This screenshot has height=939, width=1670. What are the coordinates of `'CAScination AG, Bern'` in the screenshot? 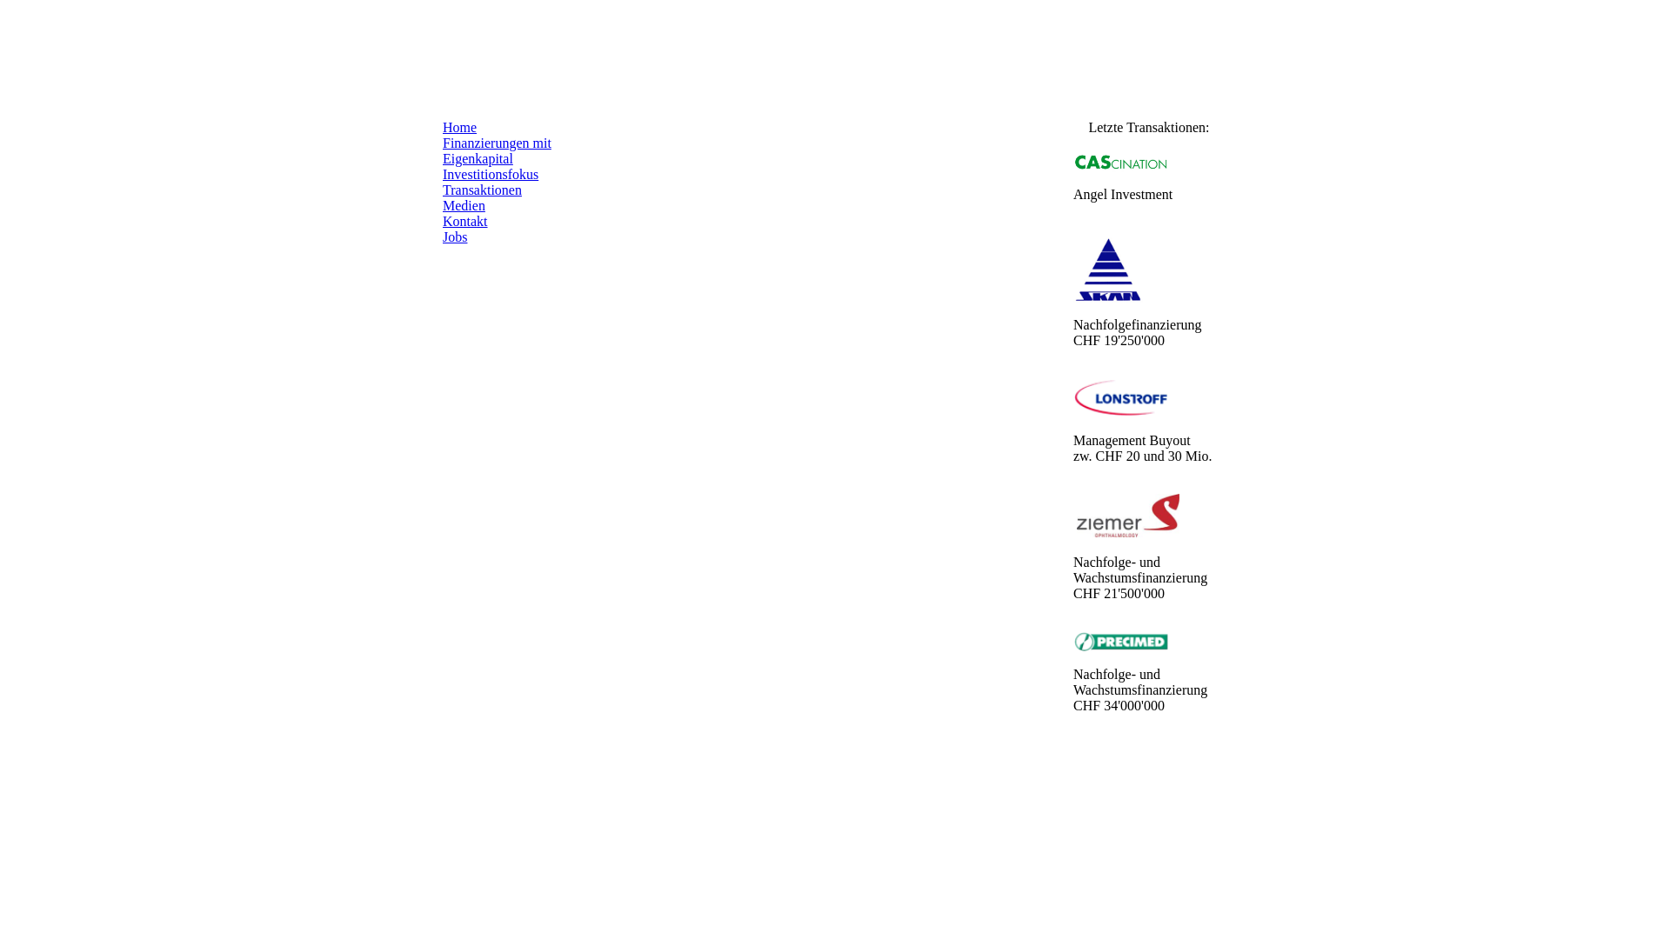 It's located at (1121, 162).